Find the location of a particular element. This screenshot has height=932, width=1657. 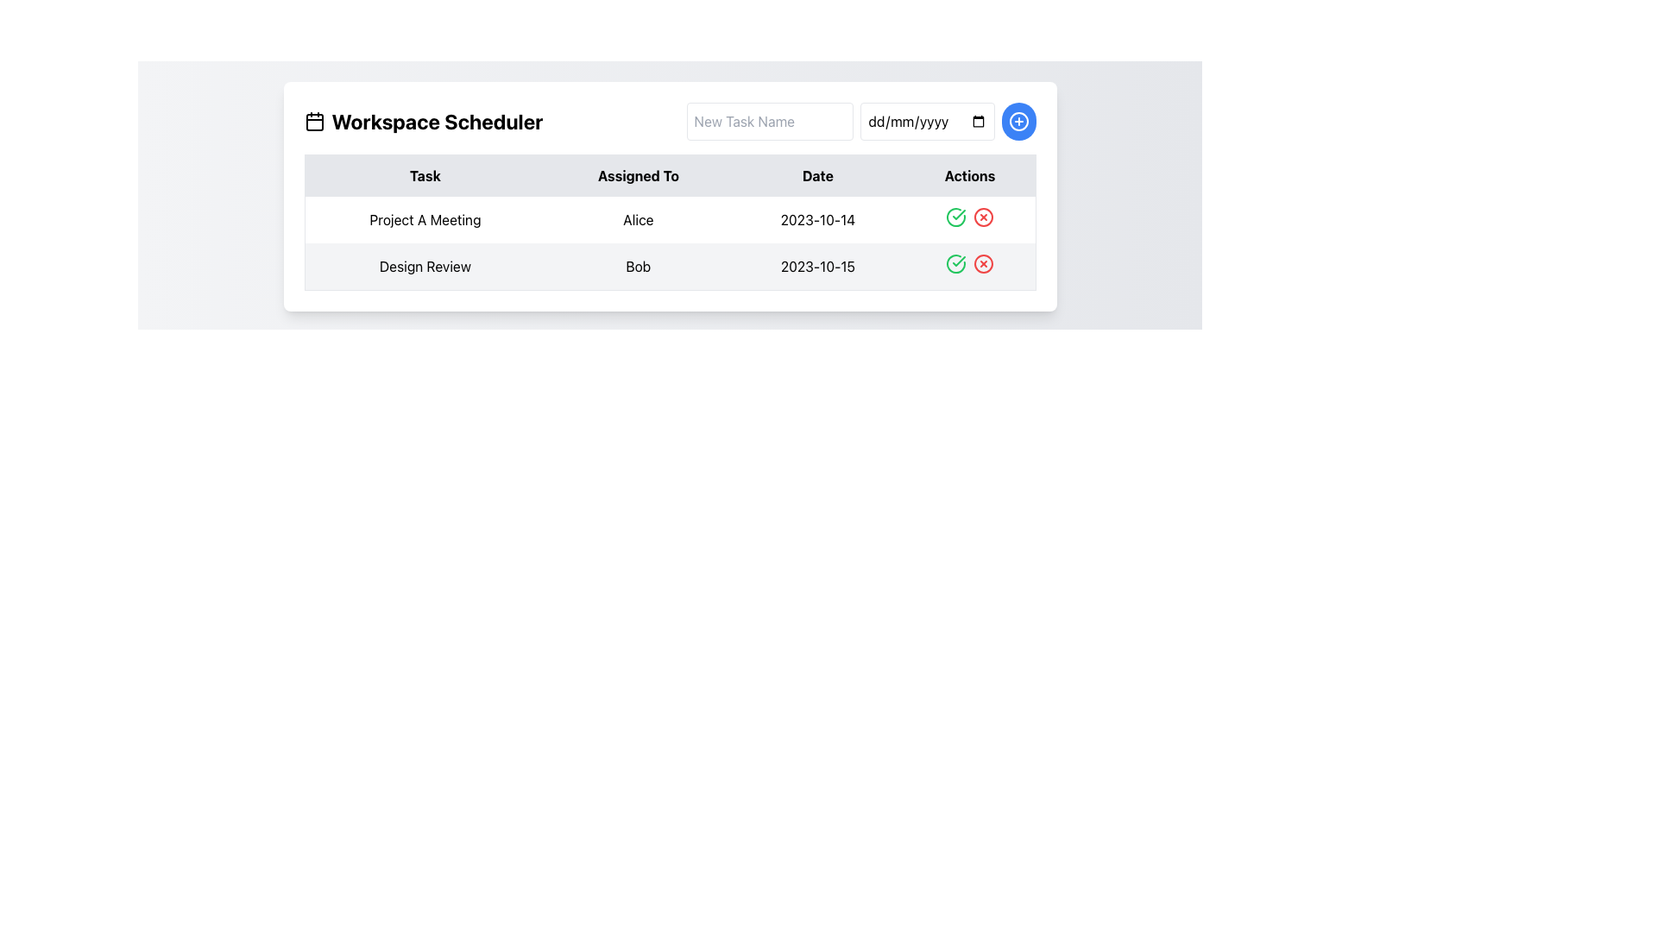

the second row of the table that contains the task 'Design Review', assigned to 'Bob', with a due date of '2023-10-15' is located at coordinates (669, 267).